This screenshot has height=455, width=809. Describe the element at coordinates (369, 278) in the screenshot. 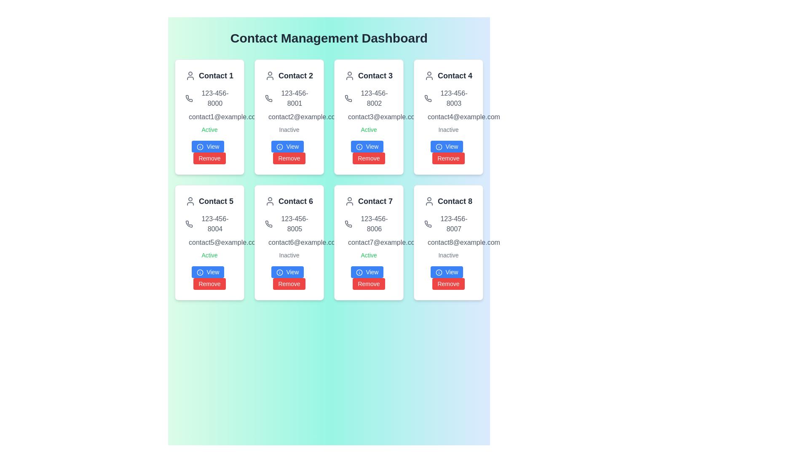

I see `the 'View' button located within the seventh contact card in the 'Contact Management Dashboard' grid layout` at that location.